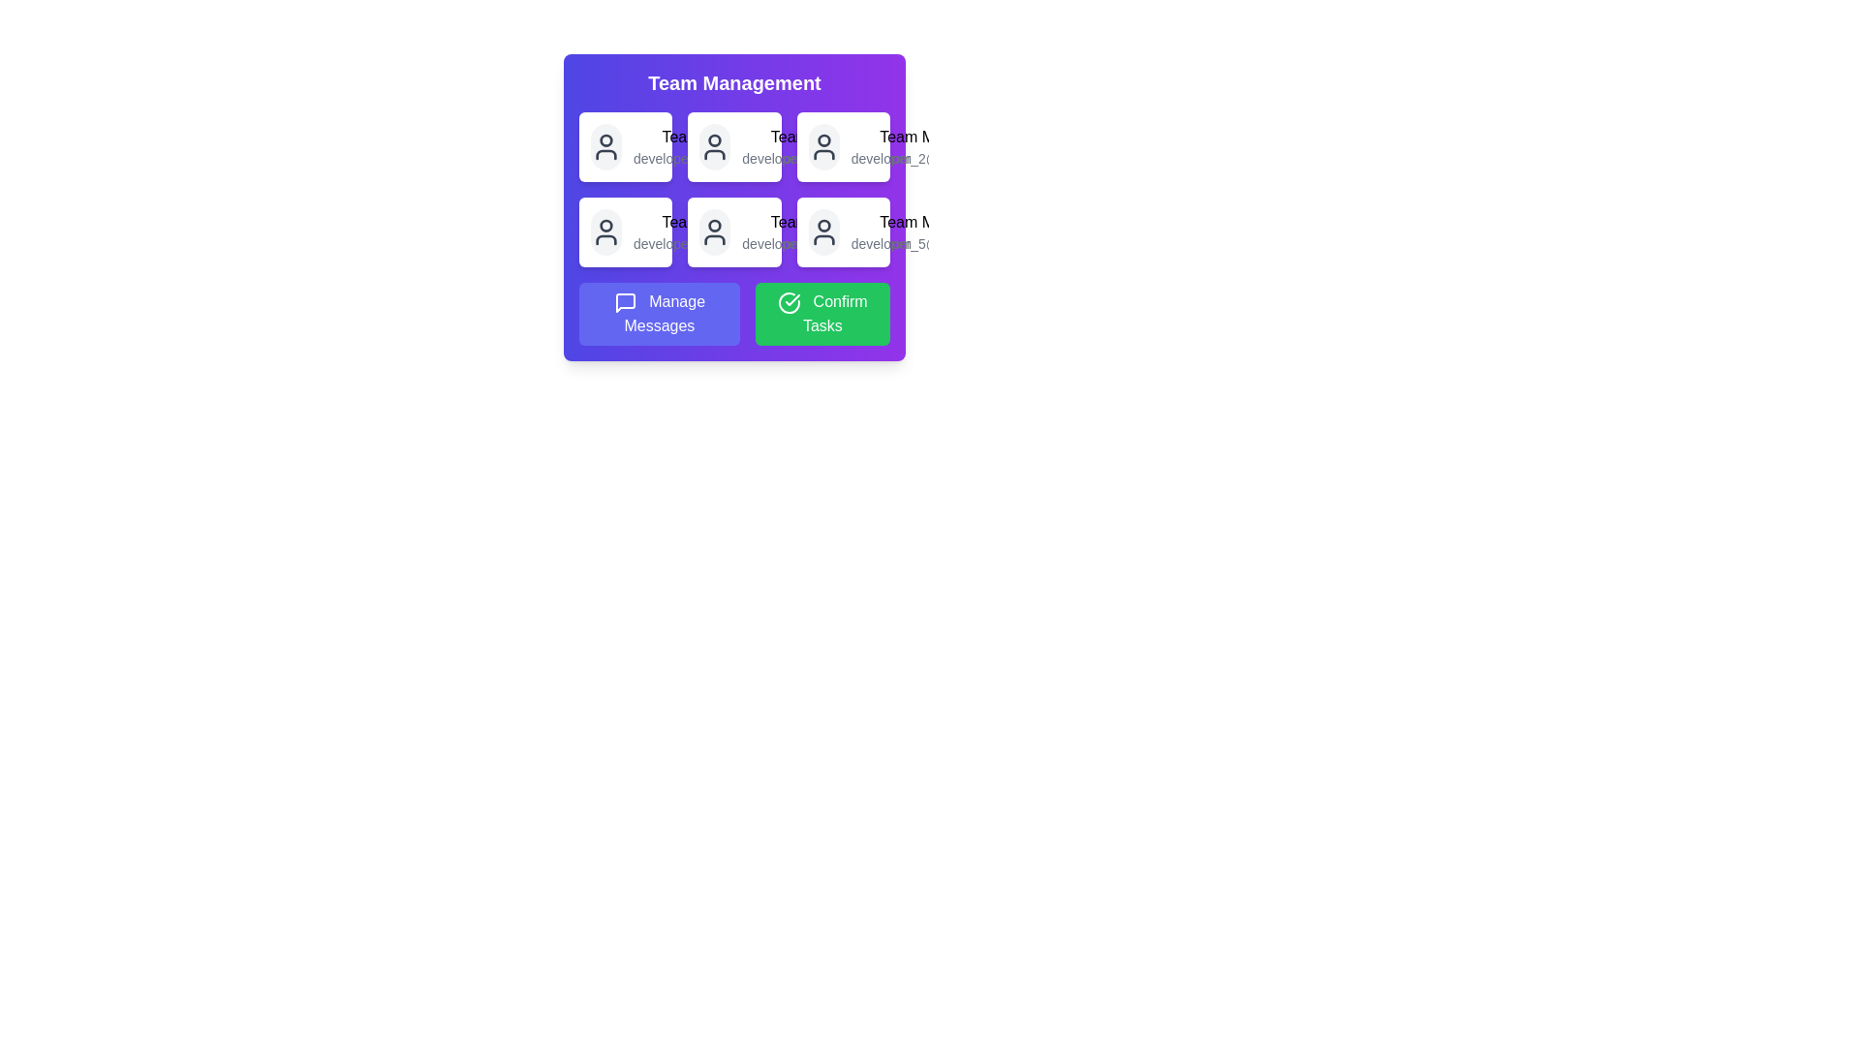 The width and height of the screenshot is (1860, 1046). Describe the element at coordinates (823, 231) in the screenshot. I see `the SVG-based user avatar icon, which is a silhouette of a person within a white rounded square background, located in the fourth position of the grid under 'Team Management'` at that location.